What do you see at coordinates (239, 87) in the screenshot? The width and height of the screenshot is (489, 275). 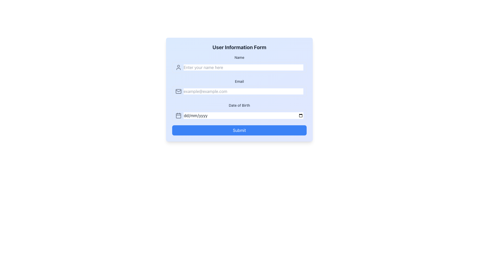 I see `the email input field, which is the second input field in the form layout, to focus on it` at bounding box center [239, 87].